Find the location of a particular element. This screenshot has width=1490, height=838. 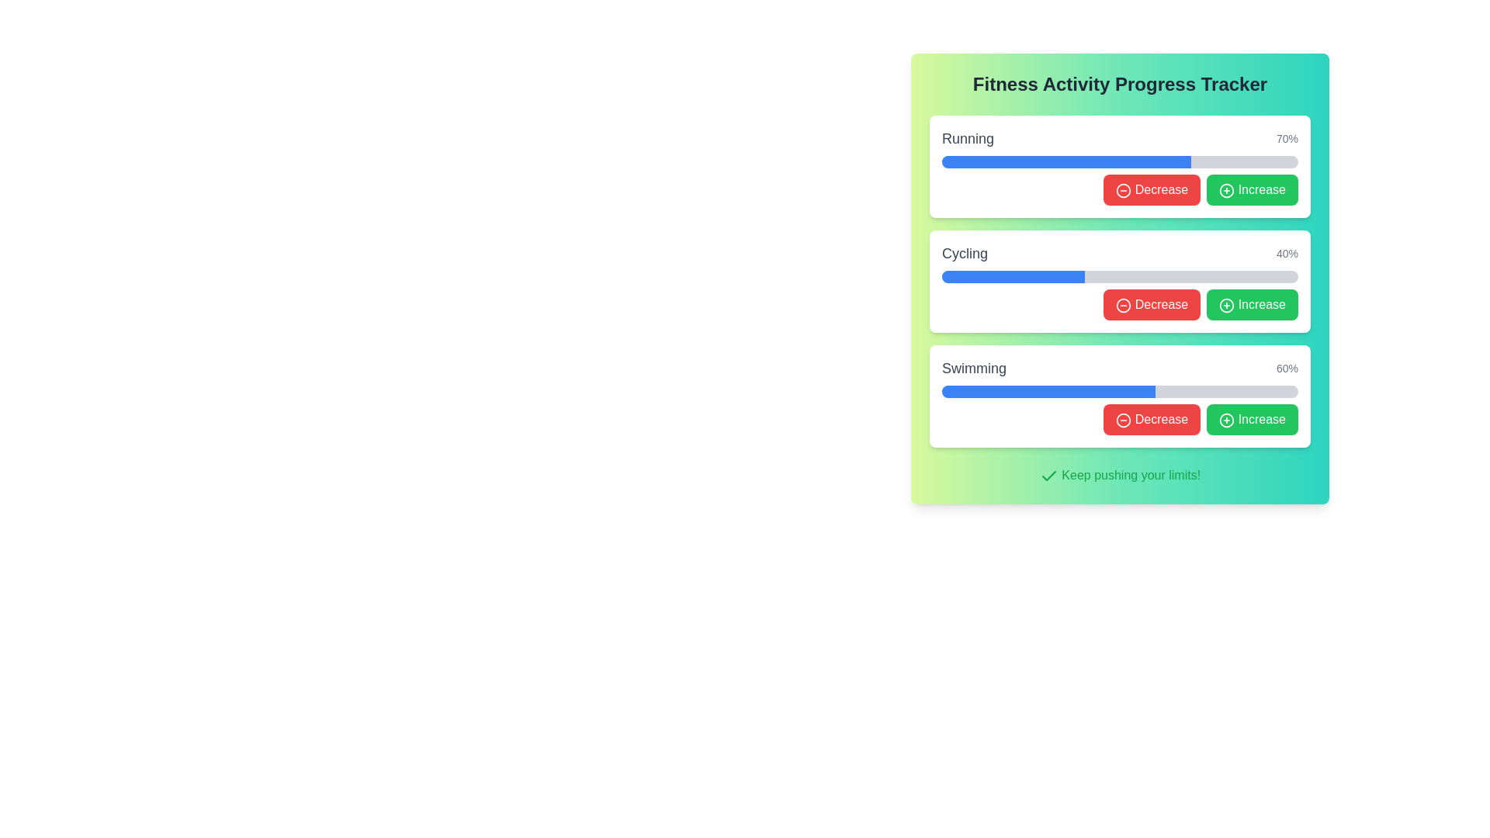

the circular icon inside the green 'Increase' button located in the 'Swimming' section of the 'Fitness Activity Progress Tracker' interface is located at coordinates (1226, 420).